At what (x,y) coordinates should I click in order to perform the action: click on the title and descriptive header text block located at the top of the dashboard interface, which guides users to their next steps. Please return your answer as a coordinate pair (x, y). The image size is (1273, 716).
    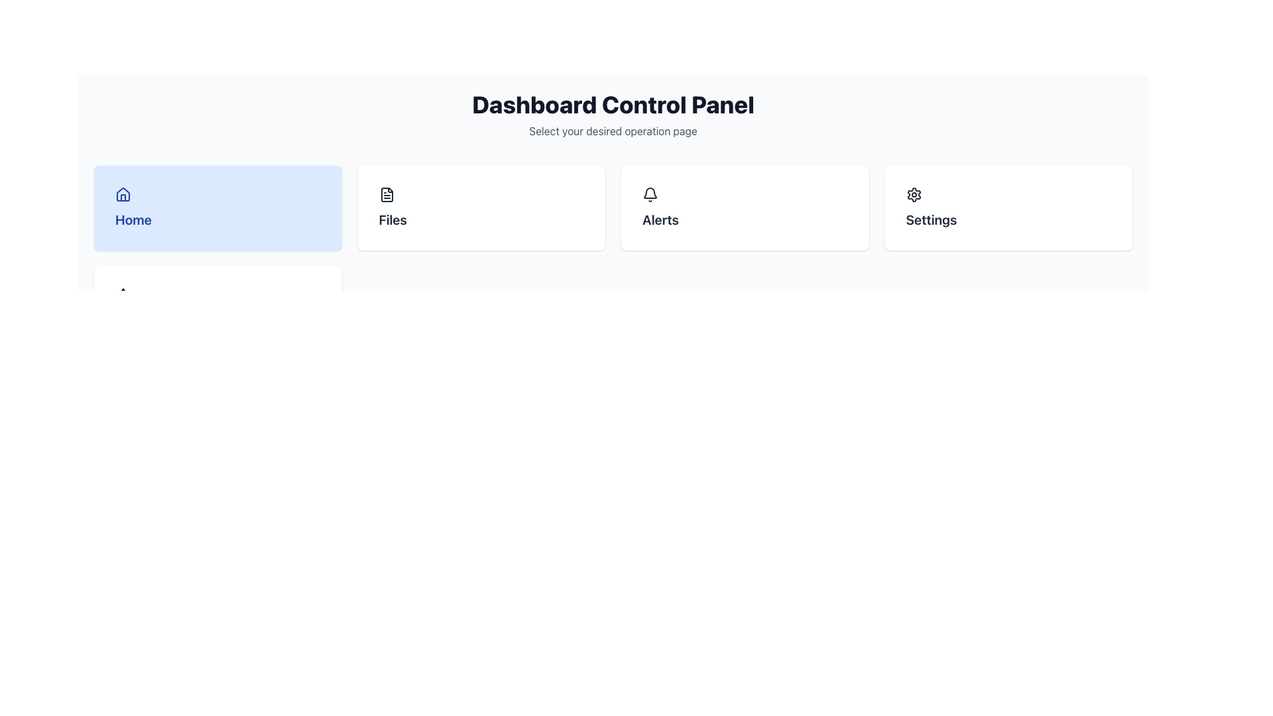
    Looking at the image, I should click on (613, 114).